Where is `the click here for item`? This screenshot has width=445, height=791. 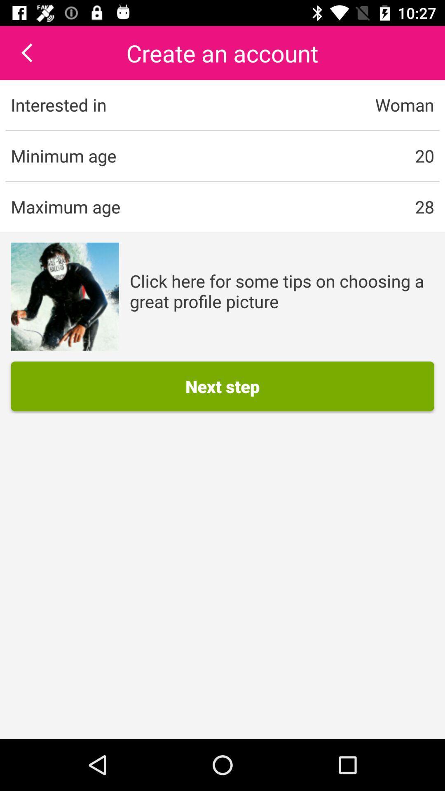
the click here for item is located at coordinates (281, 291).